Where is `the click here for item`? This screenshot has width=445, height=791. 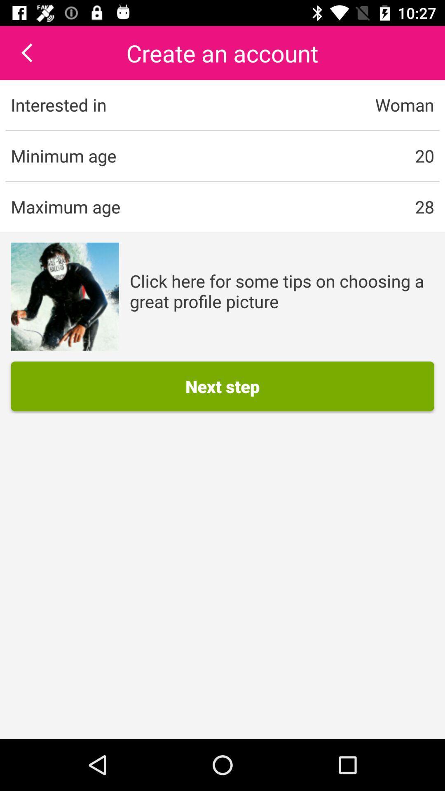
the click here for item is located at coordinates (281, 291).